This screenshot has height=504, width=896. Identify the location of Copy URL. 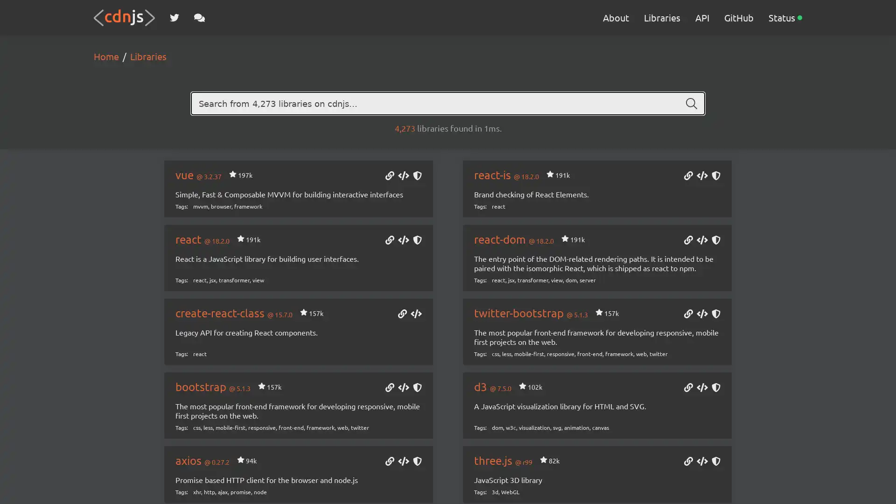
(688, 176).